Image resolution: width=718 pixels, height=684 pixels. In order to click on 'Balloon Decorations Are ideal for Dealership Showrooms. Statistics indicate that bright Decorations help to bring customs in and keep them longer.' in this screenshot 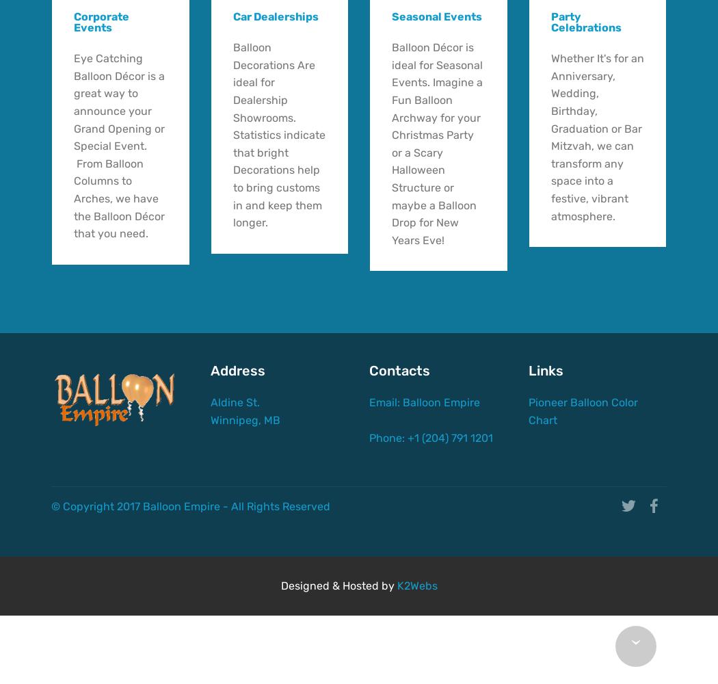, I will do `click(231, 134)`.